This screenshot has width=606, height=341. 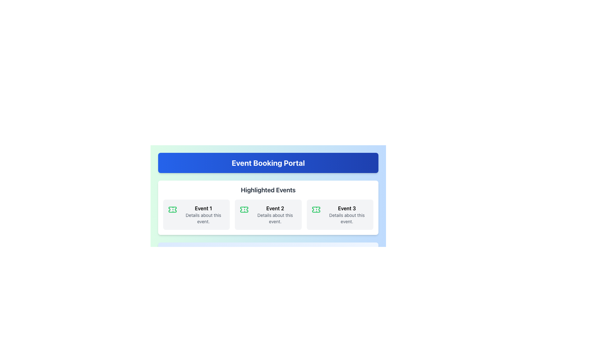 I want to click on the green ticket icon next to the title 'Event 1', which serves as a visual identifier for the event, so click(x=172, y=209).